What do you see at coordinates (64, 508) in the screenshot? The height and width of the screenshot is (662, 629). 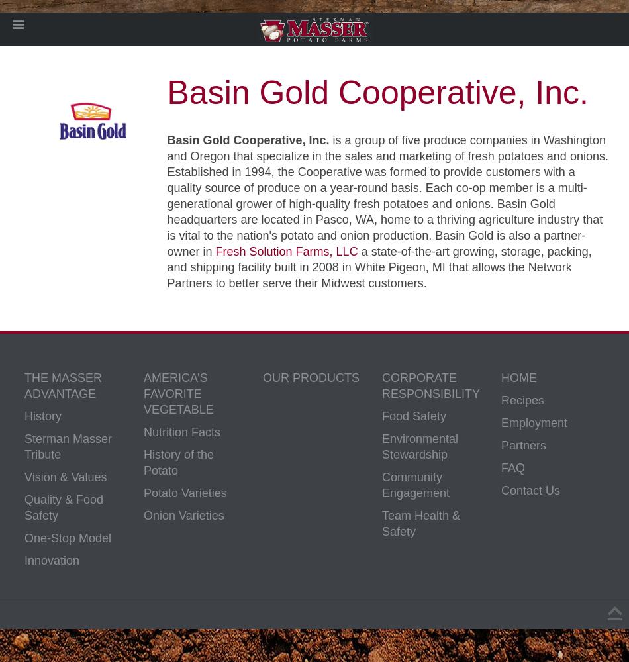 I see `'Quality & Food Safety'` at bounding box center [64, 508].